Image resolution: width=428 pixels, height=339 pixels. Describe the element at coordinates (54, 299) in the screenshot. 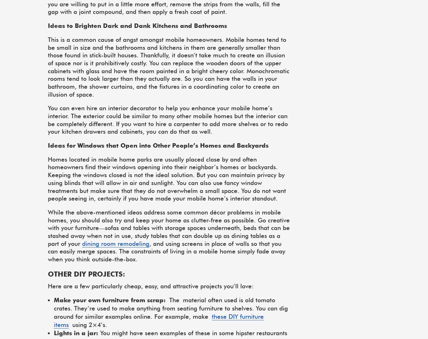

I see `'Make your own furniture from scrap:'` at that location.